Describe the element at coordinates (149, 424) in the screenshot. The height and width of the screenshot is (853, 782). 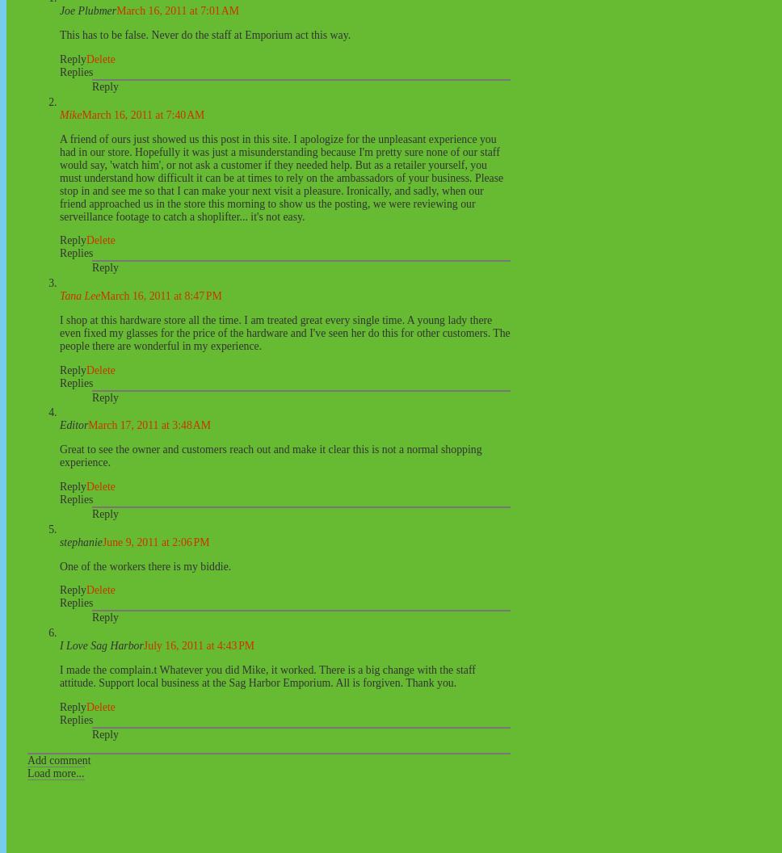
I see `'March 17, 2011 at 3:48 AM'` at that location.